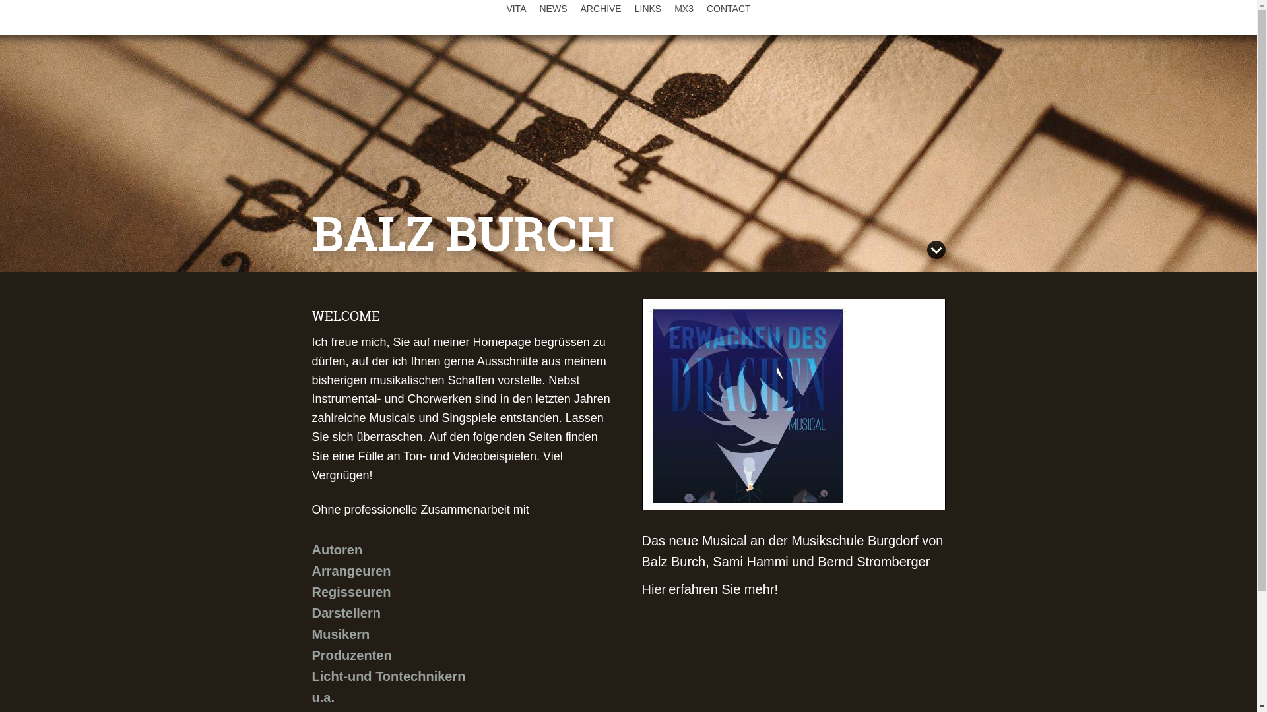  What do you see at coordinates (600, 8) in the screenshot?
I see `'ARCHIVE'` at bounding box center [600, 8].